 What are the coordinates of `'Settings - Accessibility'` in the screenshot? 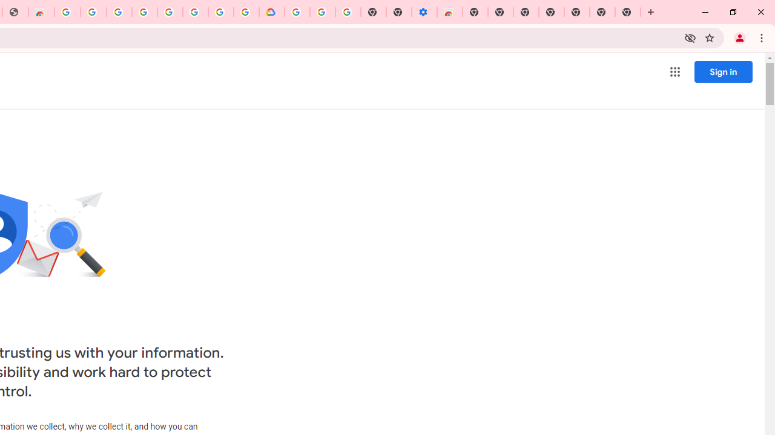 It's located at (424, 12).